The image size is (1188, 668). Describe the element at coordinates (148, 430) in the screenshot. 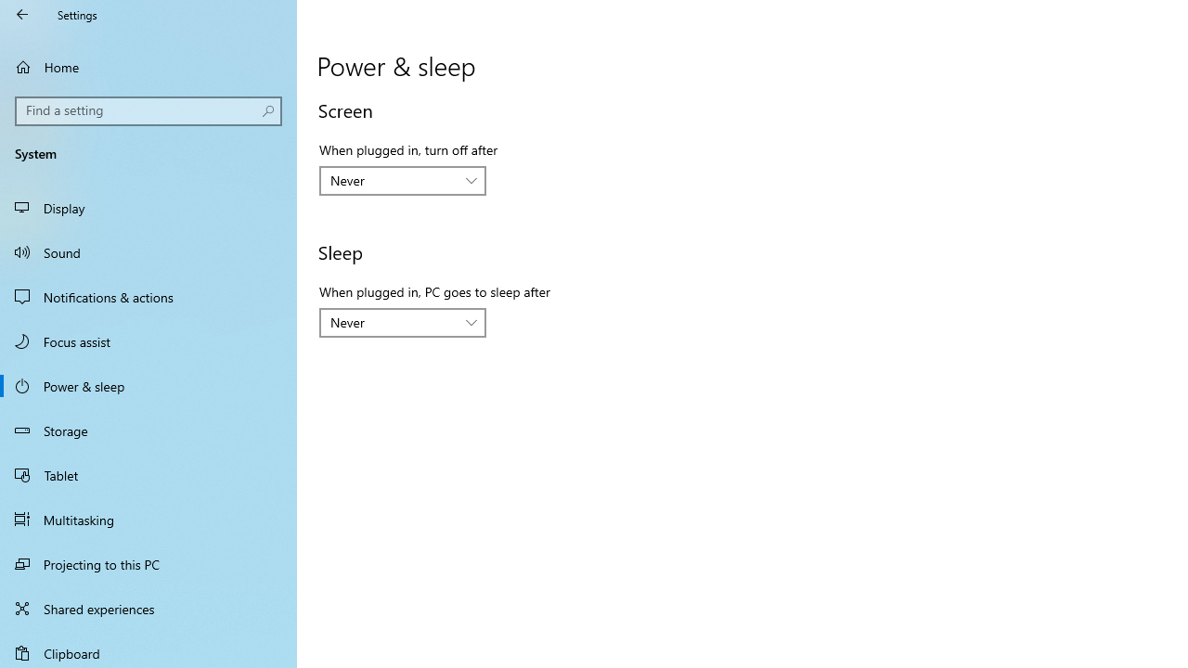

I see `'Storage'` at that location.